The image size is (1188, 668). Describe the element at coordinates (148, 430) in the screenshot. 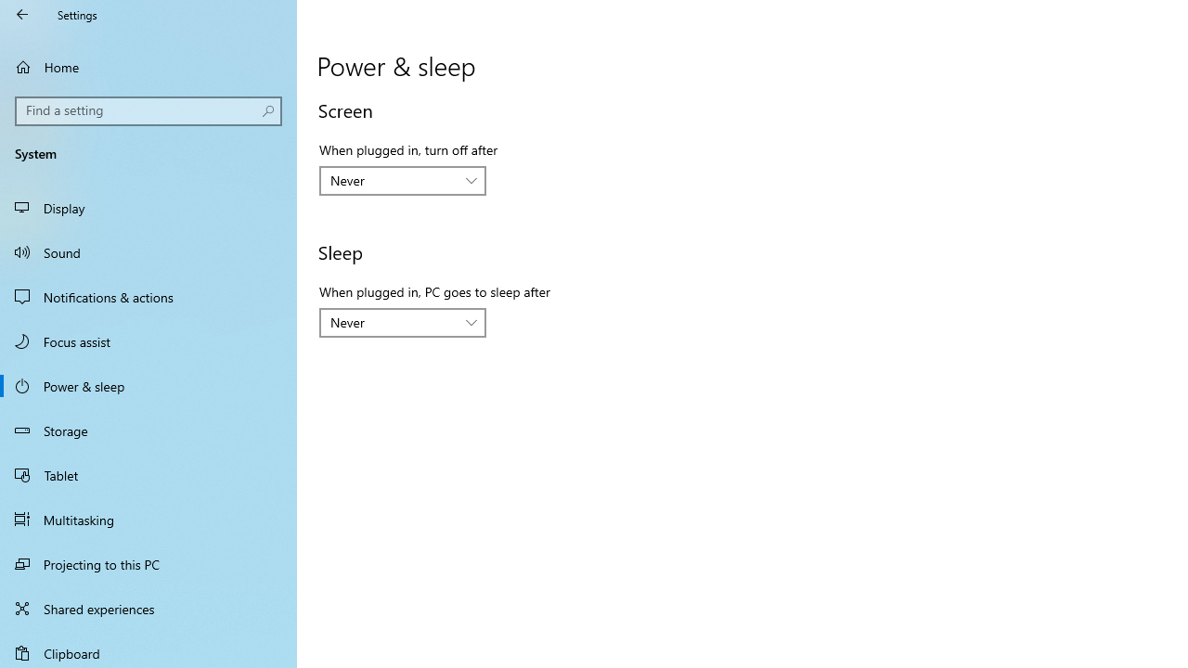

I see `'Storage'` at that location.